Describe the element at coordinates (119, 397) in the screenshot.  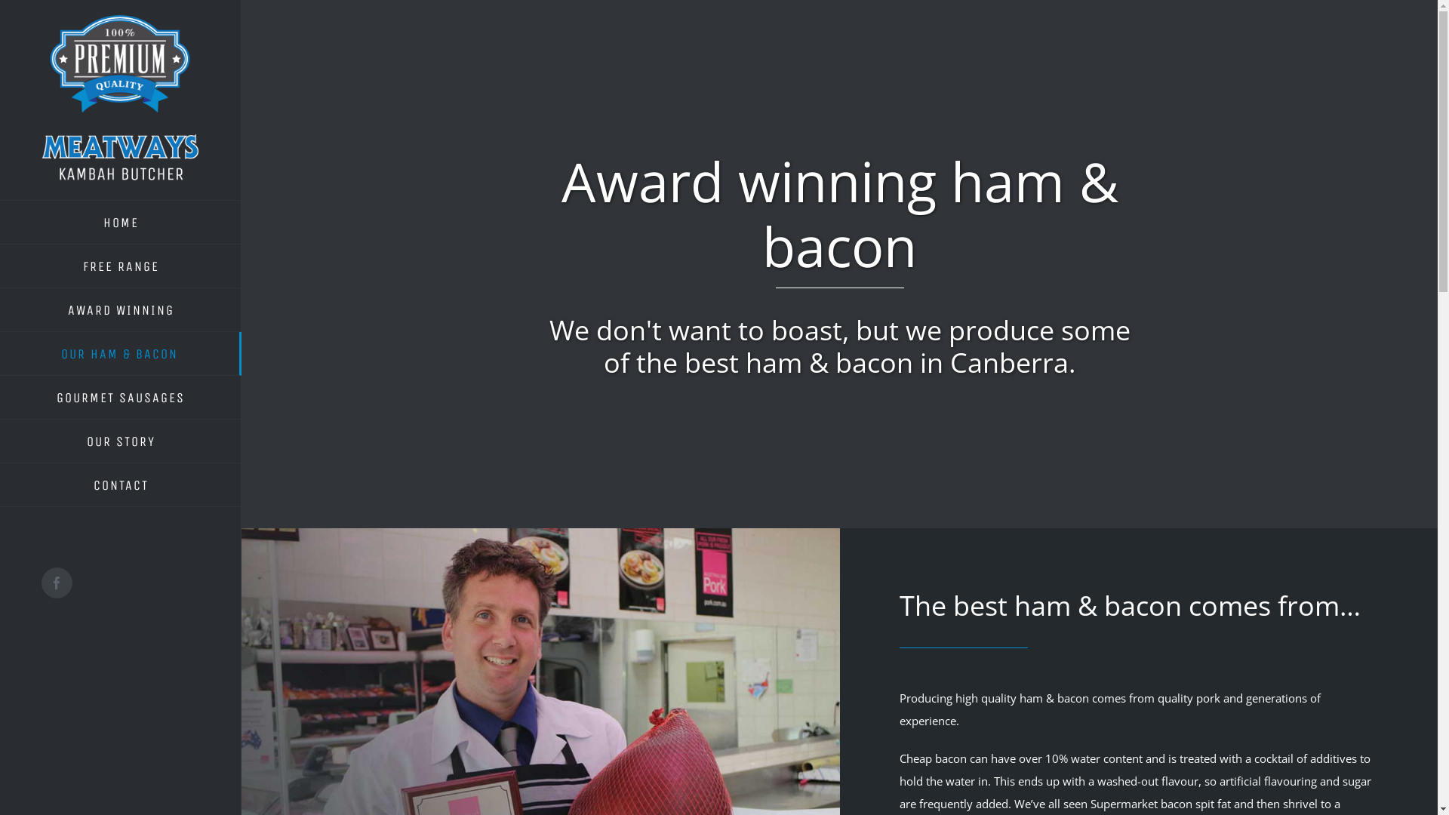
I see `'GOURMET SAUSAGES'` at that location.